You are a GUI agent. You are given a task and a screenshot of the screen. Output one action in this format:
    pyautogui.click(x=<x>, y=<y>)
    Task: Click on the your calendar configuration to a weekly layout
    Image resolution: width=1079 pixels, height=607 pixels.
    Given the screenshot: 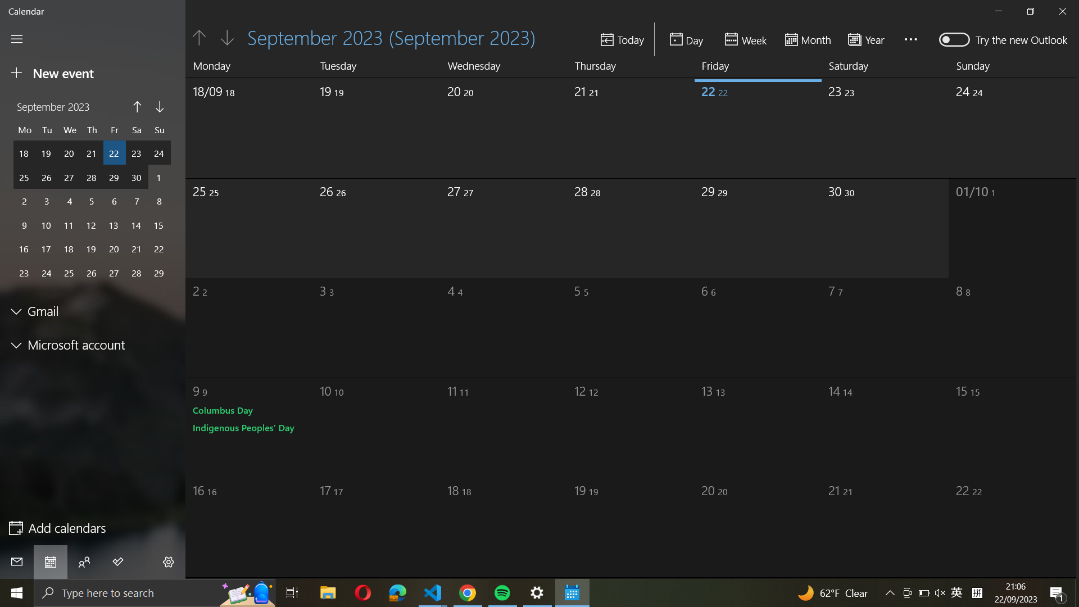 What is the action you would take?
    pyautogui.click(x=747, y=38)
    